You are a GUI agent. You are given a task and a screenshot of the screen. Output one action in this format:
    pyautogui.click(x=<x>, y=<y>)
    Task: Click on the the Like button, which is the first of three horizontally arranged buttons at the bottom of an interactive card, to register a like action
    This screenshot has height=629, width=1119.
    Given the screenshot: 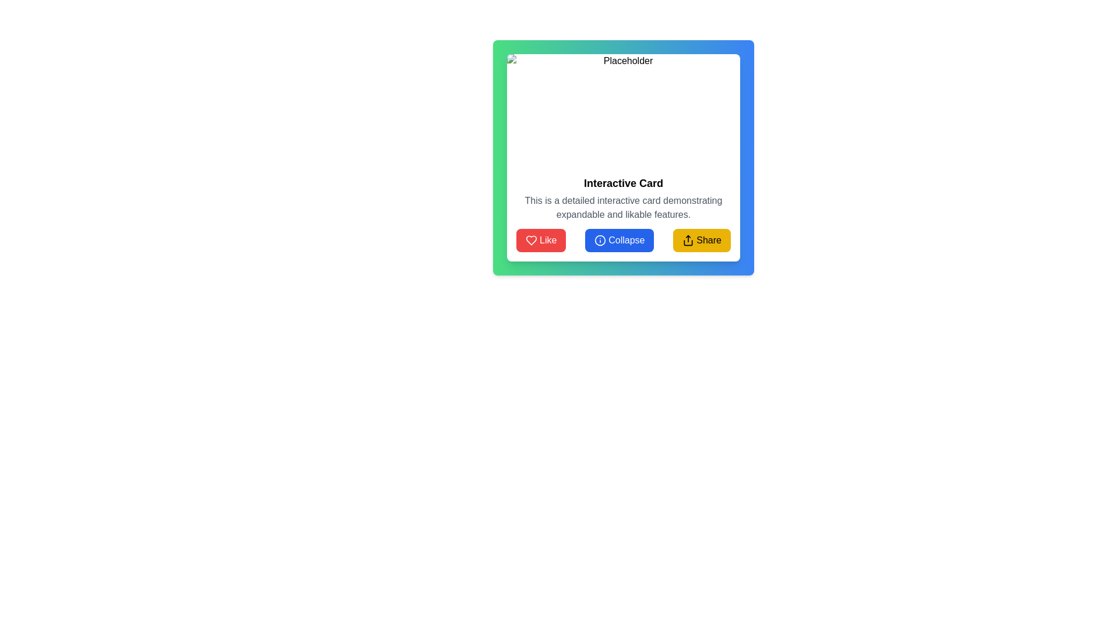 What is the action you would take?
    pyautogui.click(x=540, y=239)
    